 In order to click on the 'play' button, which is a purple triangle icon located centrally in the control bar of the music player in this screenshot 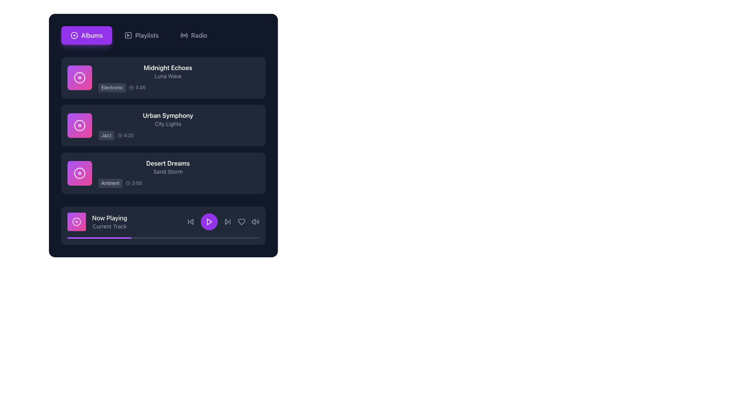, I will do `click(227, 221)`.